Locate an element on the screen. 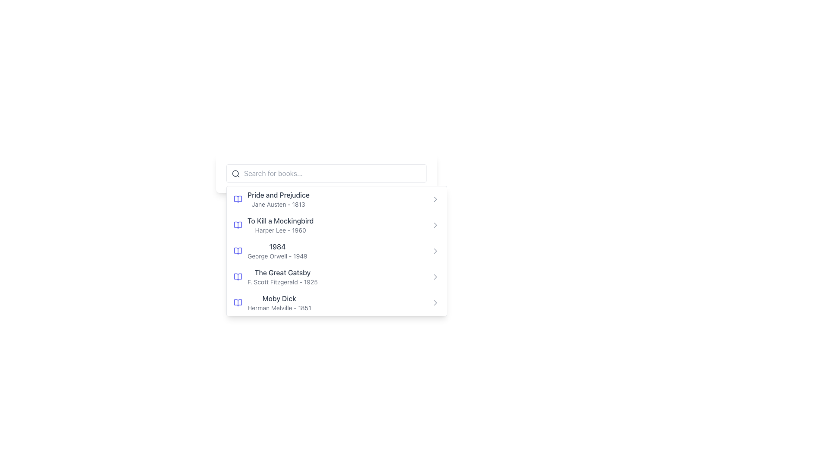 The height and width of the screenshot is (466, 828). the Right Chevron Icon located at the far right of the 'Pride and Prejudice - Jane Austen, 1813' list item is located at coordinates (435, 199).